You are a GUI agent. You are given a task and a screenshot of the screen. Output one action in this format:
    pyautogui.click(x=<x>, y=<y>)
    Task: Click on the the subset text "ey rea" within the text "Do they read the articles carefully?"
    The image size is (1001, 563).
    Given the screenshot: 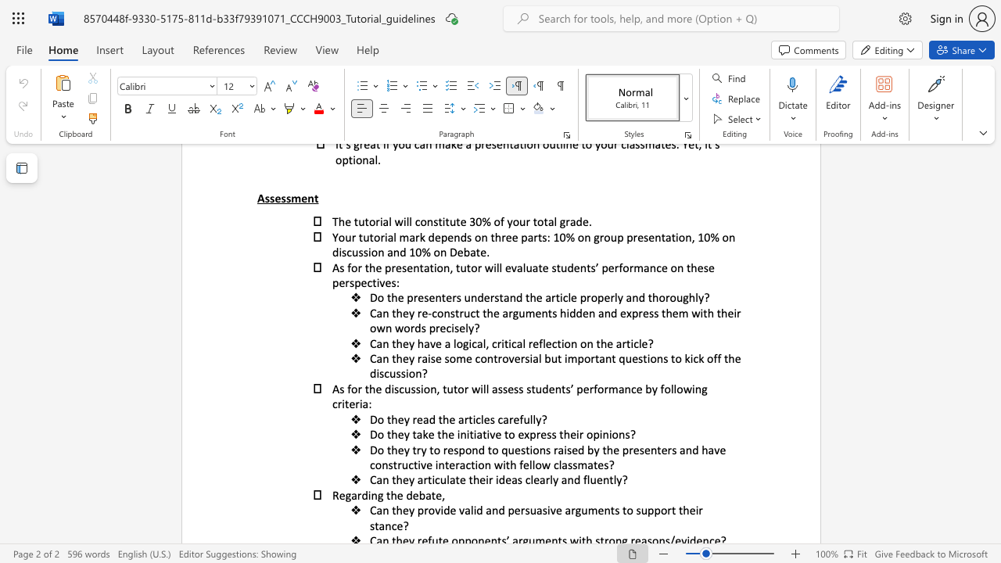 What is the action you would take?
    pyautogui.click(x=397, y=418)
    